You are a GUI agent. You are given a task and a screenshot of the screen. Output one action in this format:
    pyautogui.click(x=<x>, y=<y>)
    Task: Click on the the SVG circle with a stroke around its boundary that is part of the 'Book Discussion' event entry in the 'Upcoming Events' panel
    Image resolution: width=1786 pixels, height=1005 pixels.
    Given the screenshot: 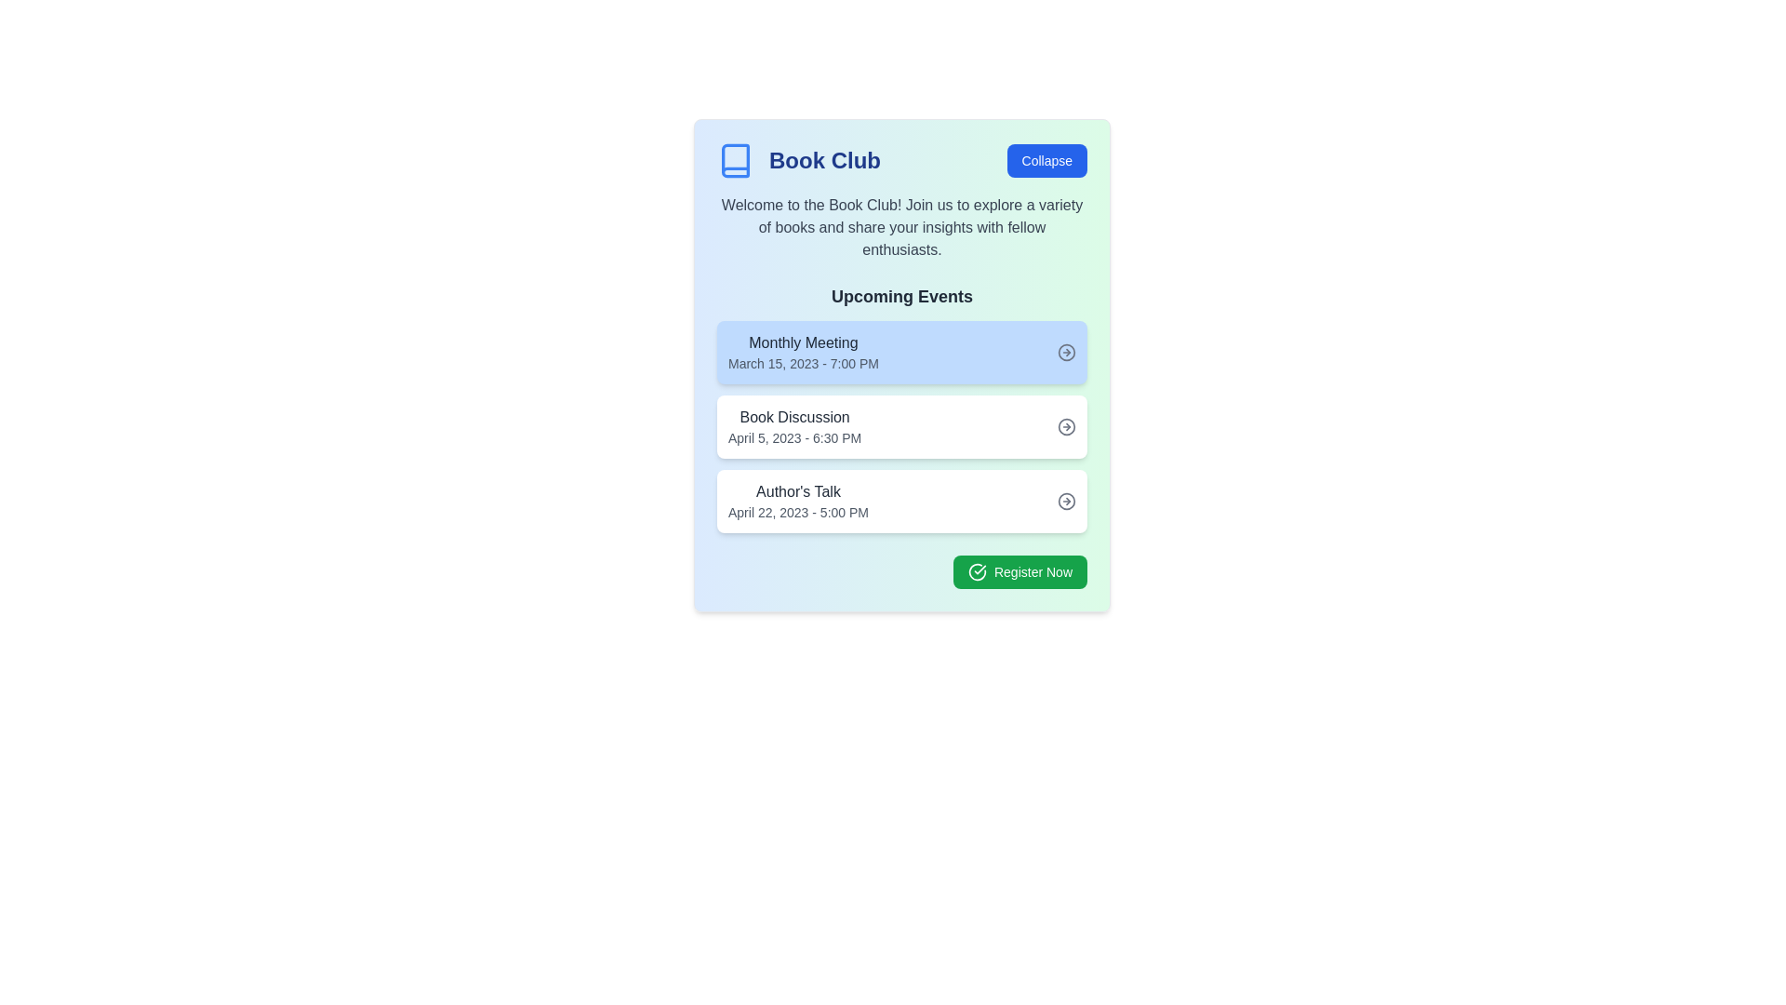 What is the action you would take?
    pyautogui.click(x=1067, y=427)
    